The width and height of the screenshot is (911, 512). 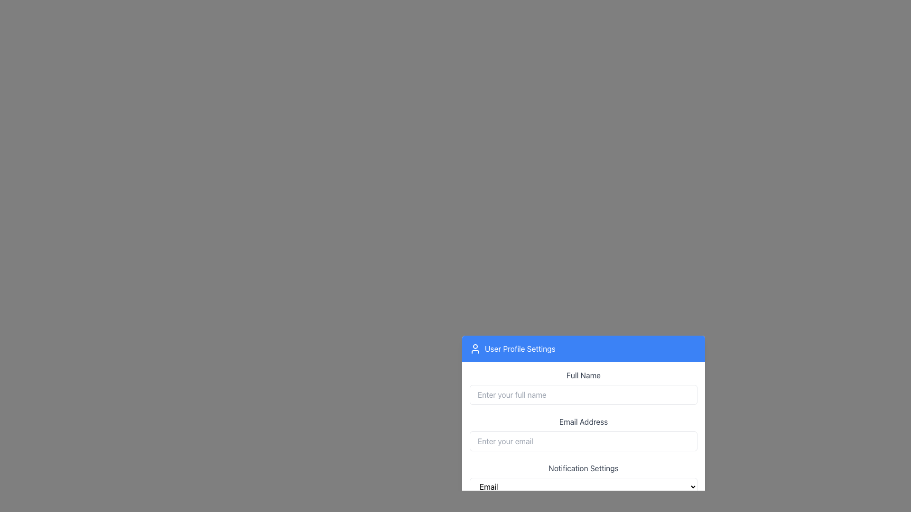 I want to click on the User Profile icon, which features a simplistic design with a circular head and shoulders, located on the left side of the header section titled 'User Profile Settings', so click(x=475, y=348).